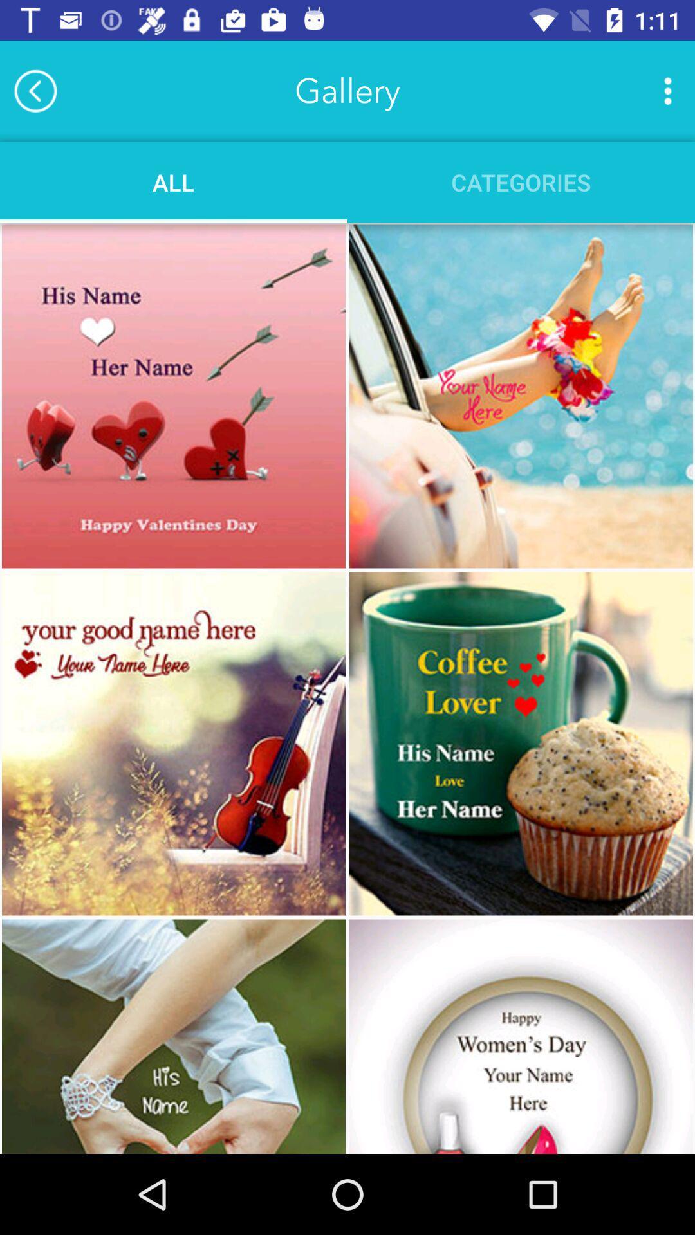 This screenshot has height=1235, width=695. What do you see at coordinates (667, 90) in the screenshot?
I see `the more icon` at bounding box center [667, 90].